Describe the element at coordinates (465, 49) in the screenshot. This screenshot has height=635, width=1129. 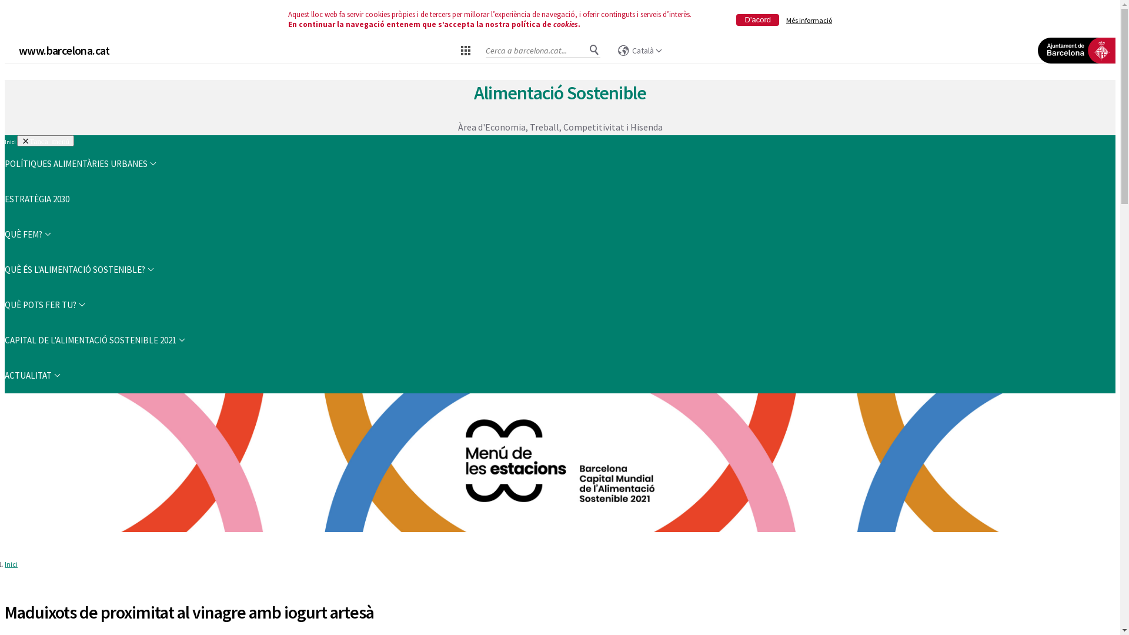
I see `'Dreceres de barcelona.cat'` at that location.